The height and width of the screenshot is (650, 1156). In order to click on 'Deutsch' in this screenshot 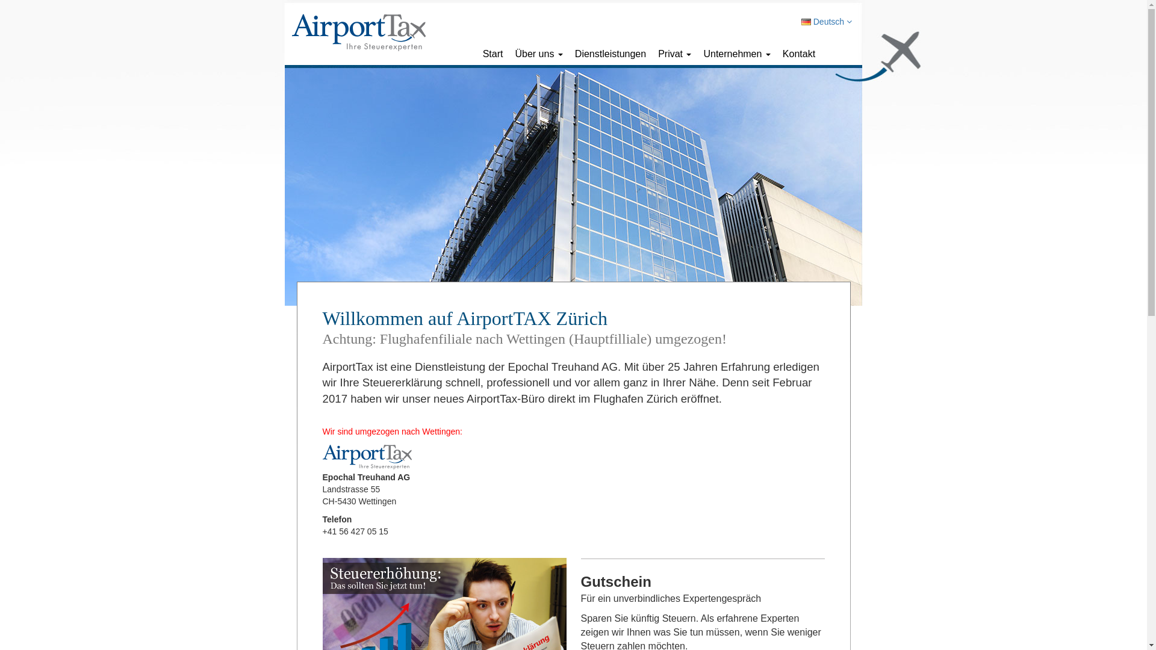, I will do `click(825, 21)`.